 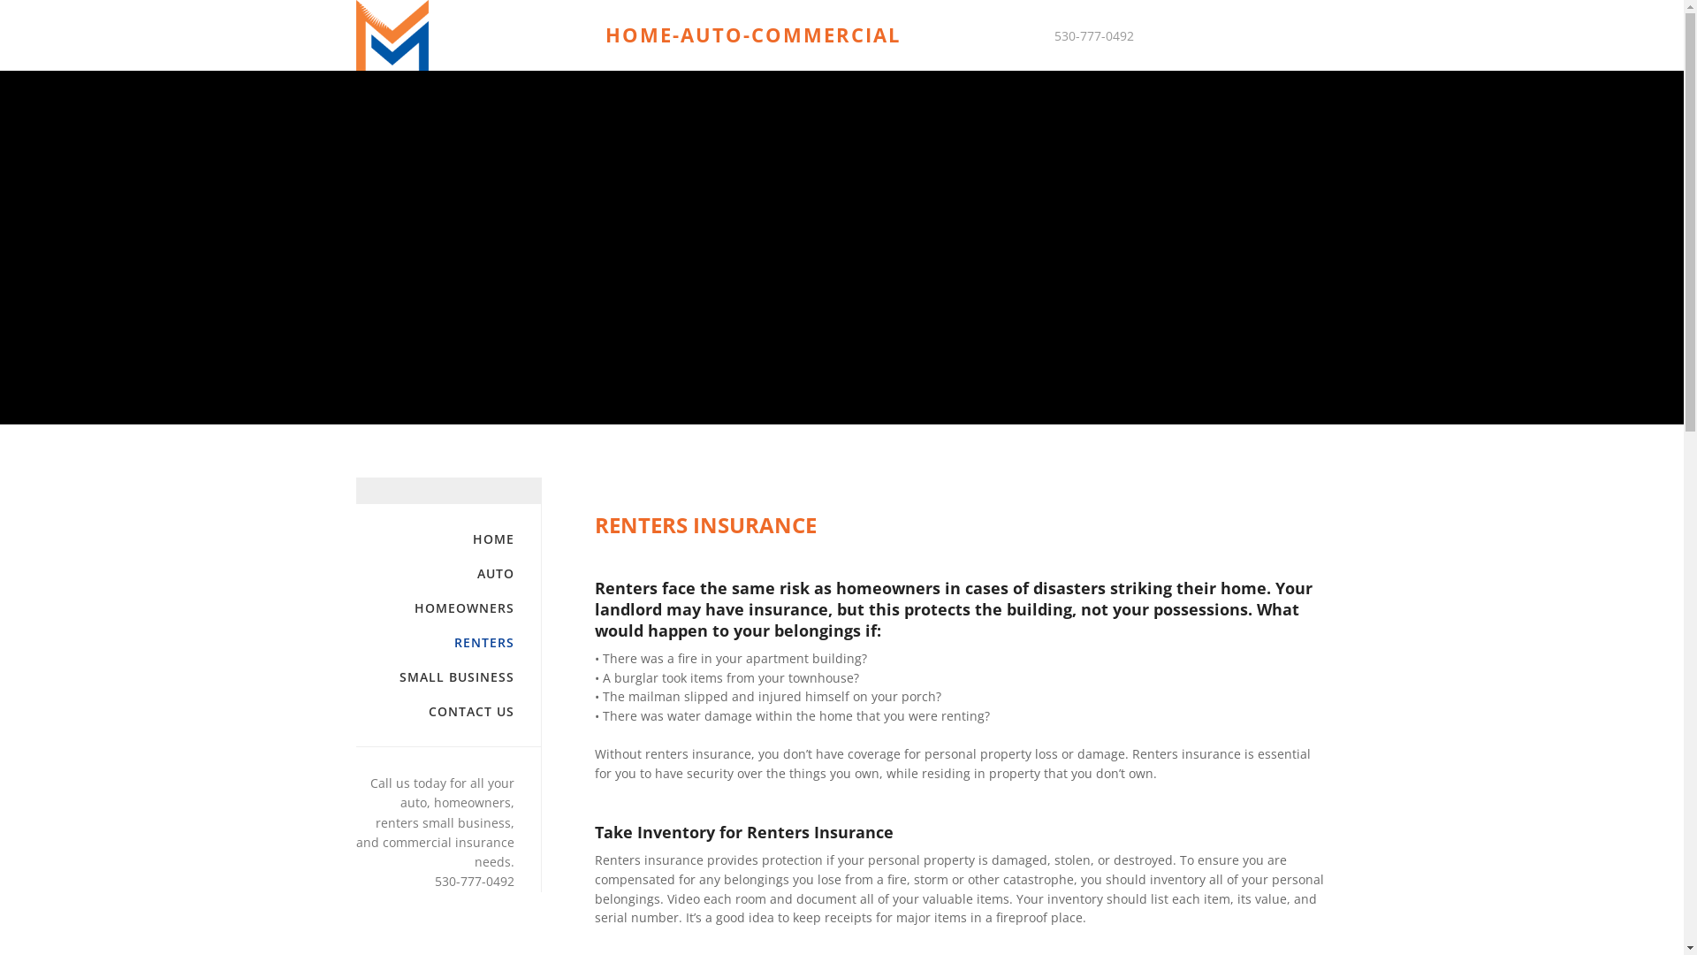 I want to click on 'SMALL BUSINESS', so click(x=354, y=676).